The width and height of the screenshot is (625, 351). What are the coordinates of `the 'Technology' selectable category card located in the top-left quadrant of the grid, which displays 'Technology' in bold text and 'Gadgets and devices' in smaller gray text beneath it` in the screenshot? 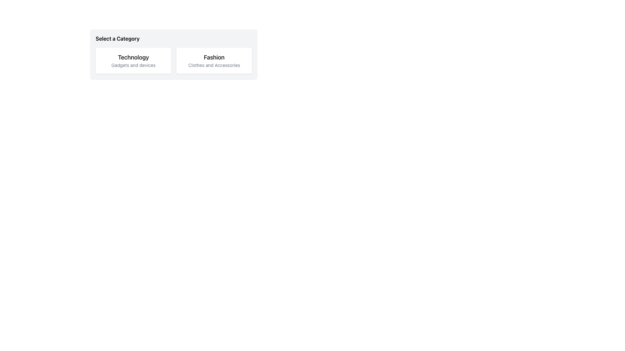 It's located at (133, 60).